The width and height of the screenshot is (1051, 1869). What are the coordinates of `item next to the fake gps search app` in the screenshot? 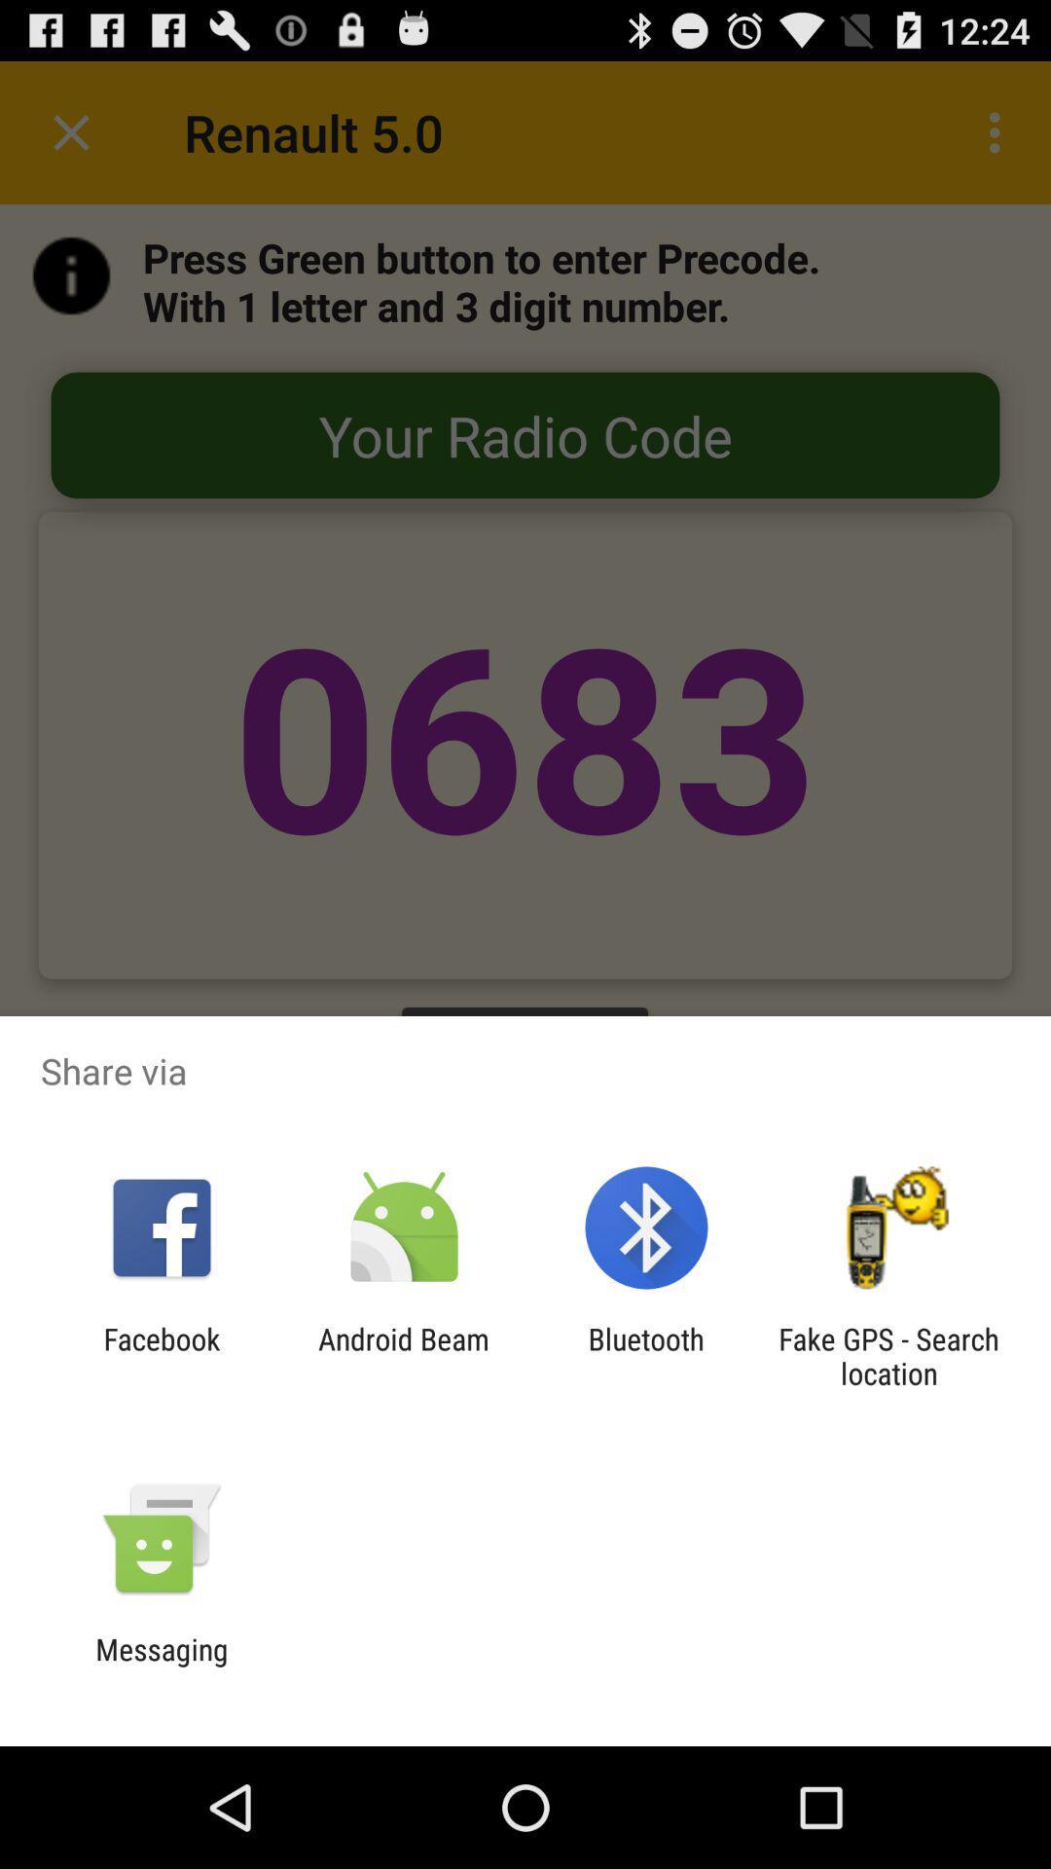 It's located at (646, 1355).